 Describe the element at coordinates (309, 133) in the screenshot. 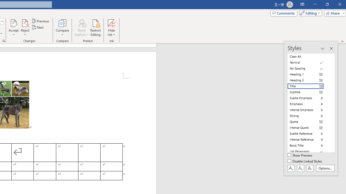

I see `'Subtle Reference'` at that location.